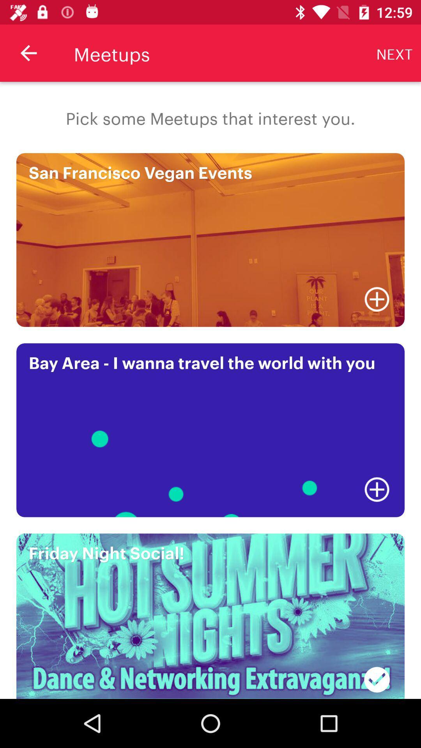  Describe the element at coordinates (377, 489) in the screenshot. I see `enlarges an event description` at that location.